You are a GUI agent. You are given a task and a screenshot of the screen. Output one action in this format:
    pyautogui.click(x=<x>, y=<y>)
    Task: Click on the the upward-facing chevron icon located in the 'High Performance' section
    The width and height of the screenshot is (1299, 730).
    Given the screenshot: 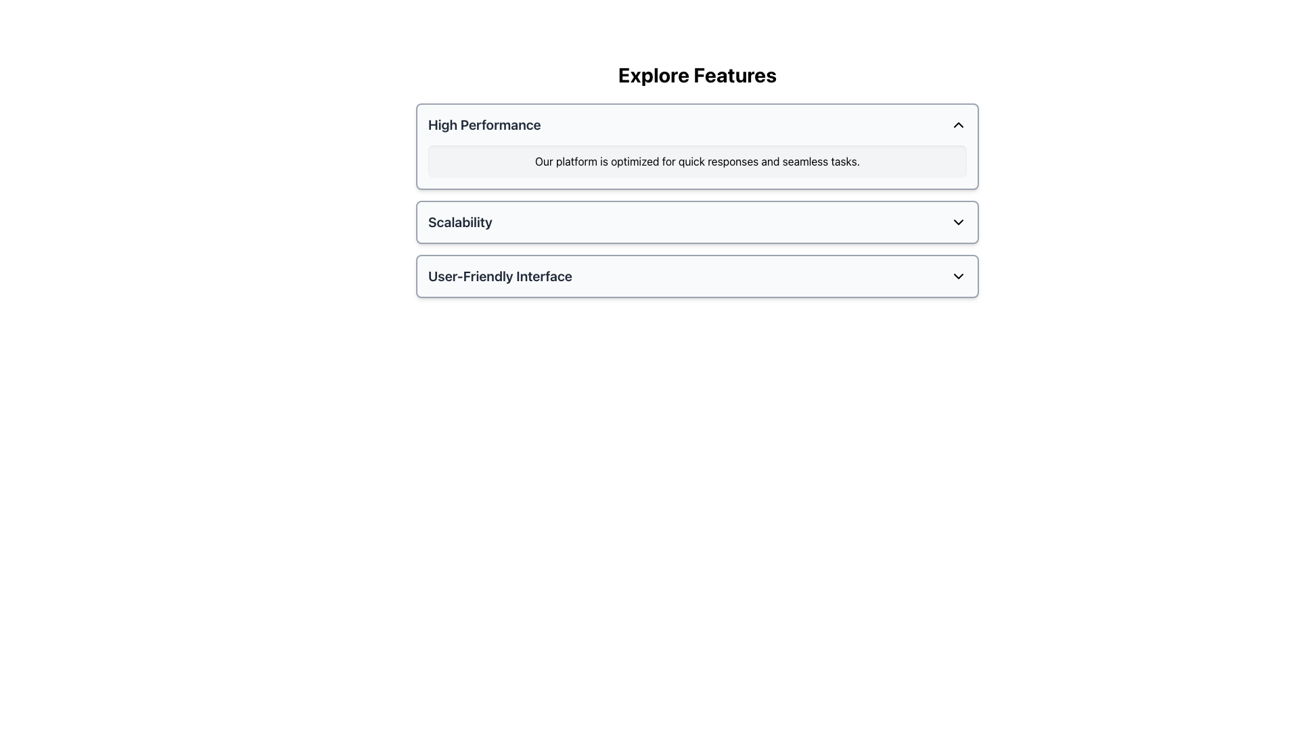 What is the action you would take?
    pyautogui.click(x=957, y=125)
    